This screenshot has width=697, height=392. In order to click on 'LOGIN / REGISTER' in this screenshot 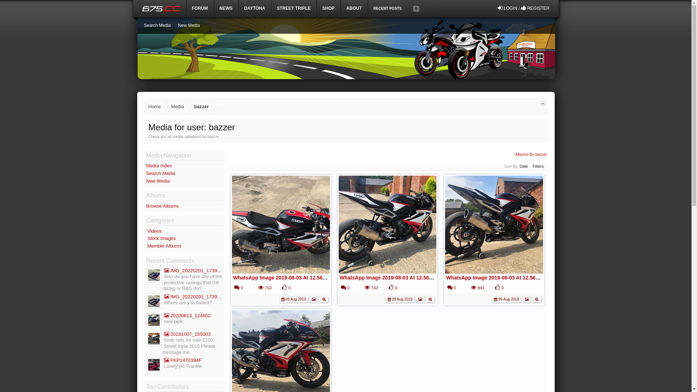, I will do `click(523, 8)`.